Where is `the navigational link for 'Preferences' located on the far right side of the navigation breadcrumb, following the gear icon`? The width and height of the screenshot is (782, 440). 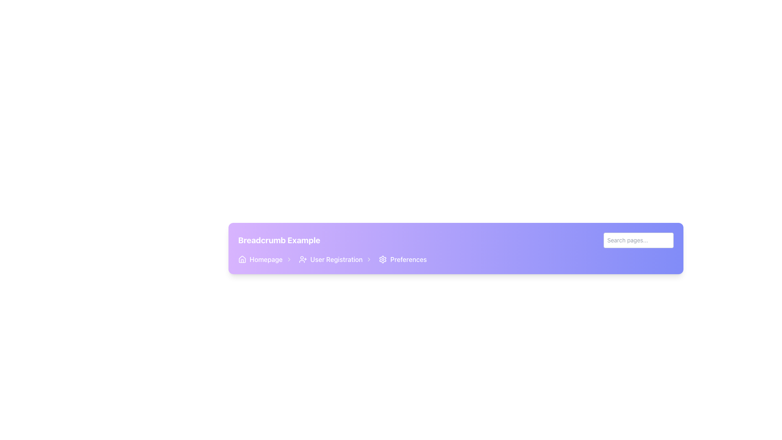
the navigational link for 'Preferences' located on the far right side of the navigation breadcrumb, following the gear icon is located at coordinates (409, 259).